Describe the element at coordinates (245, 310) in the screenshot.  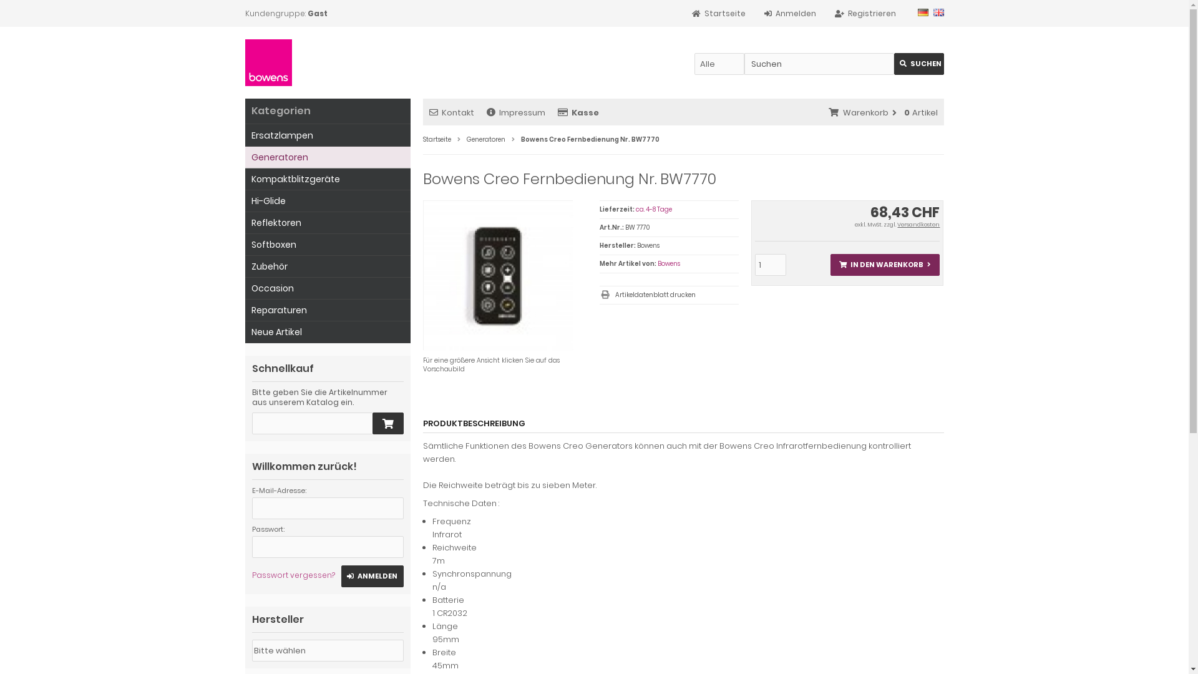
I see `'Reparaturen'` at that location.